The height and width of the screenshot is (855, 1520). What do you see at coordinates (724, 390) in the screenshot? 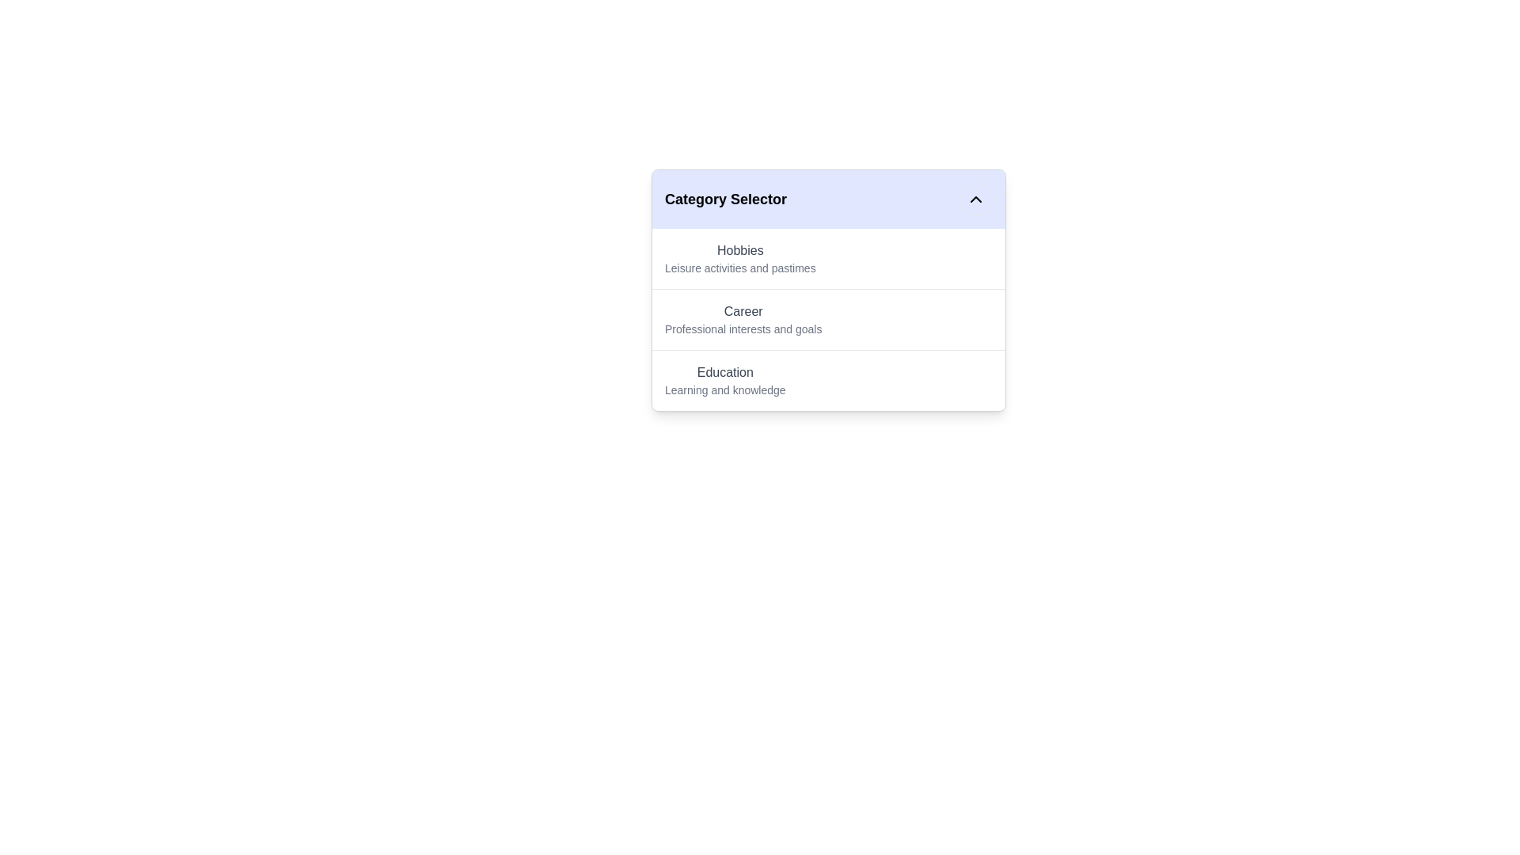
I see `the static text that provides additional context for the 'Education' category, located directly beneath the 'Education' title in the card-styled component` at bounding box center [724, 390].